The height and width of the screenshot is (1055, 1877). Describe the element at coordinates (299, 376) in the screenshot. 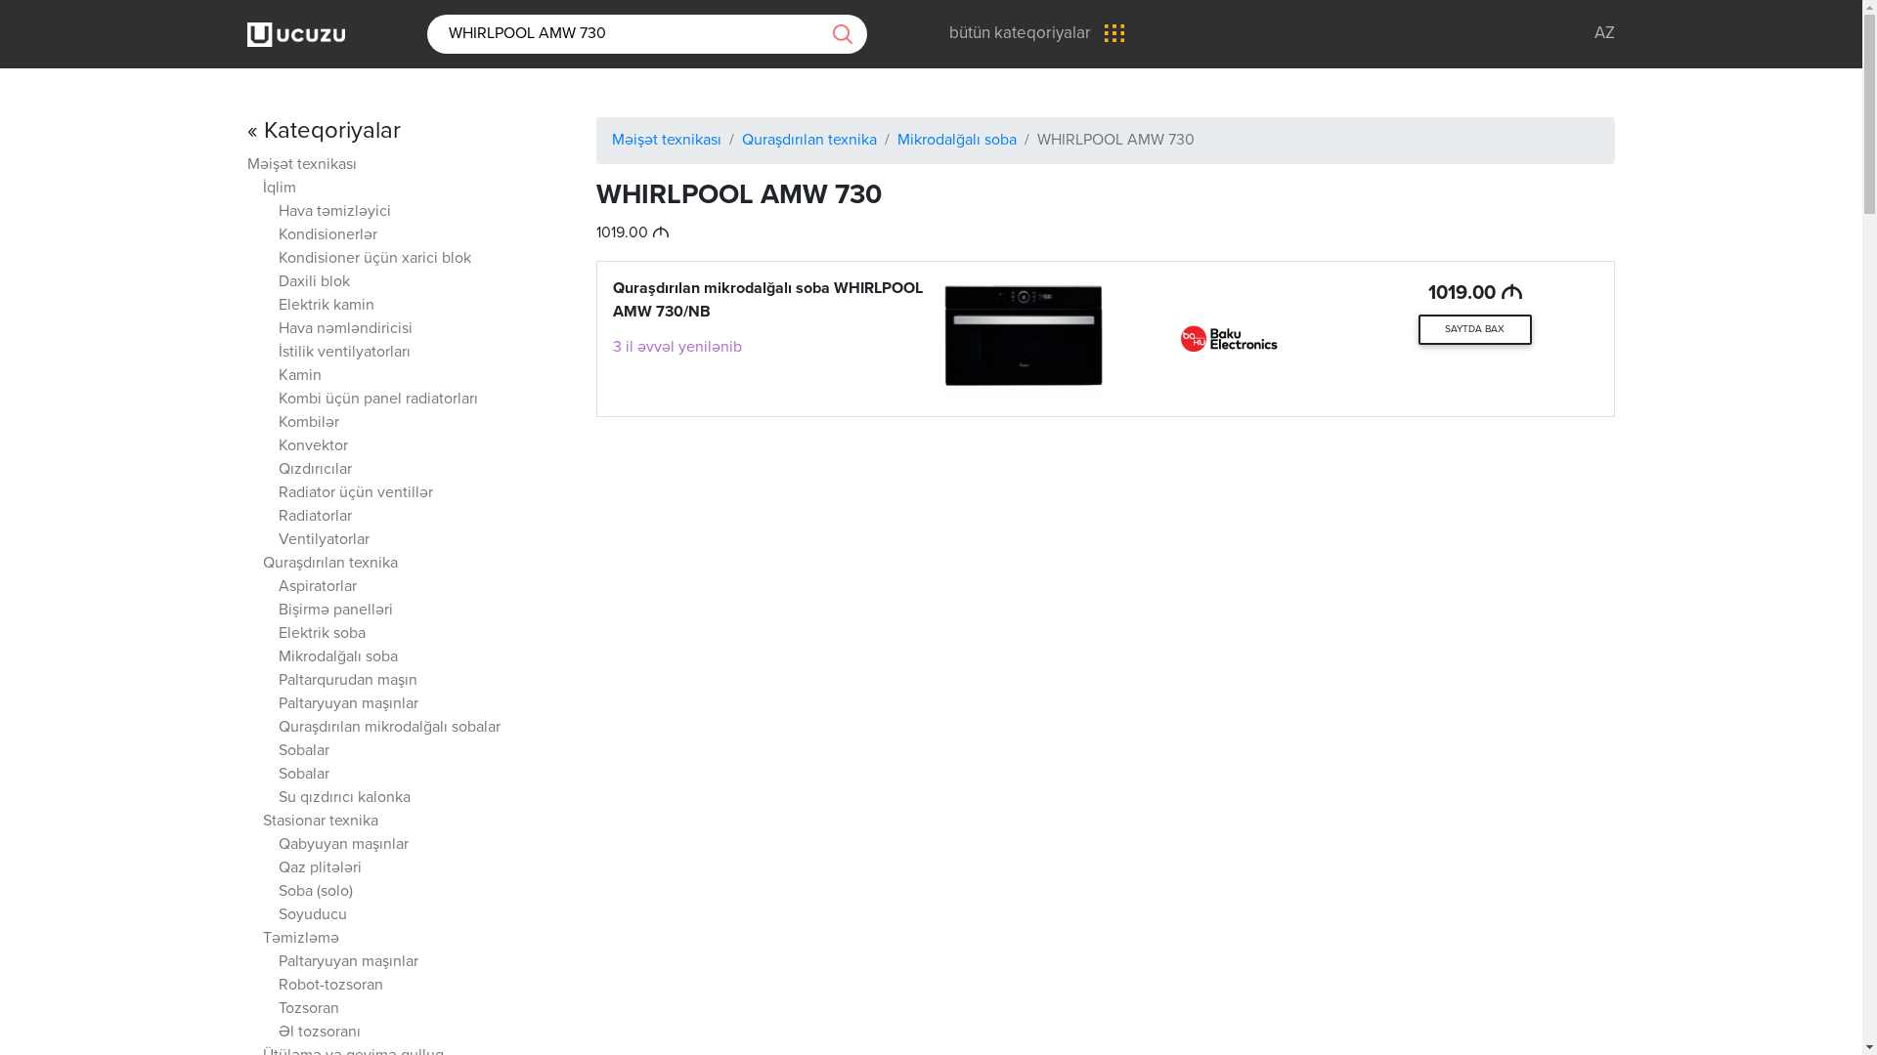

I see `'Kamin'` at that location.